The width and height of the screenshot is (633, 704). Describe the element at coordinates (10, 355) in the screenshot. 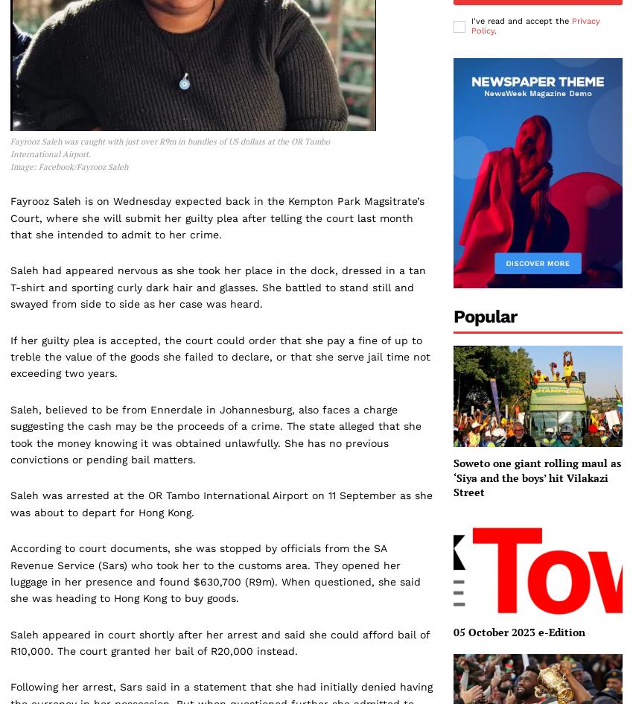

I see `'If her guilty plea is accepted‚ the court could order that she pay a fine of up to treble the value of the goods she failed to declare‚ or that she serve jail time not exceeding two years.'` at that location.